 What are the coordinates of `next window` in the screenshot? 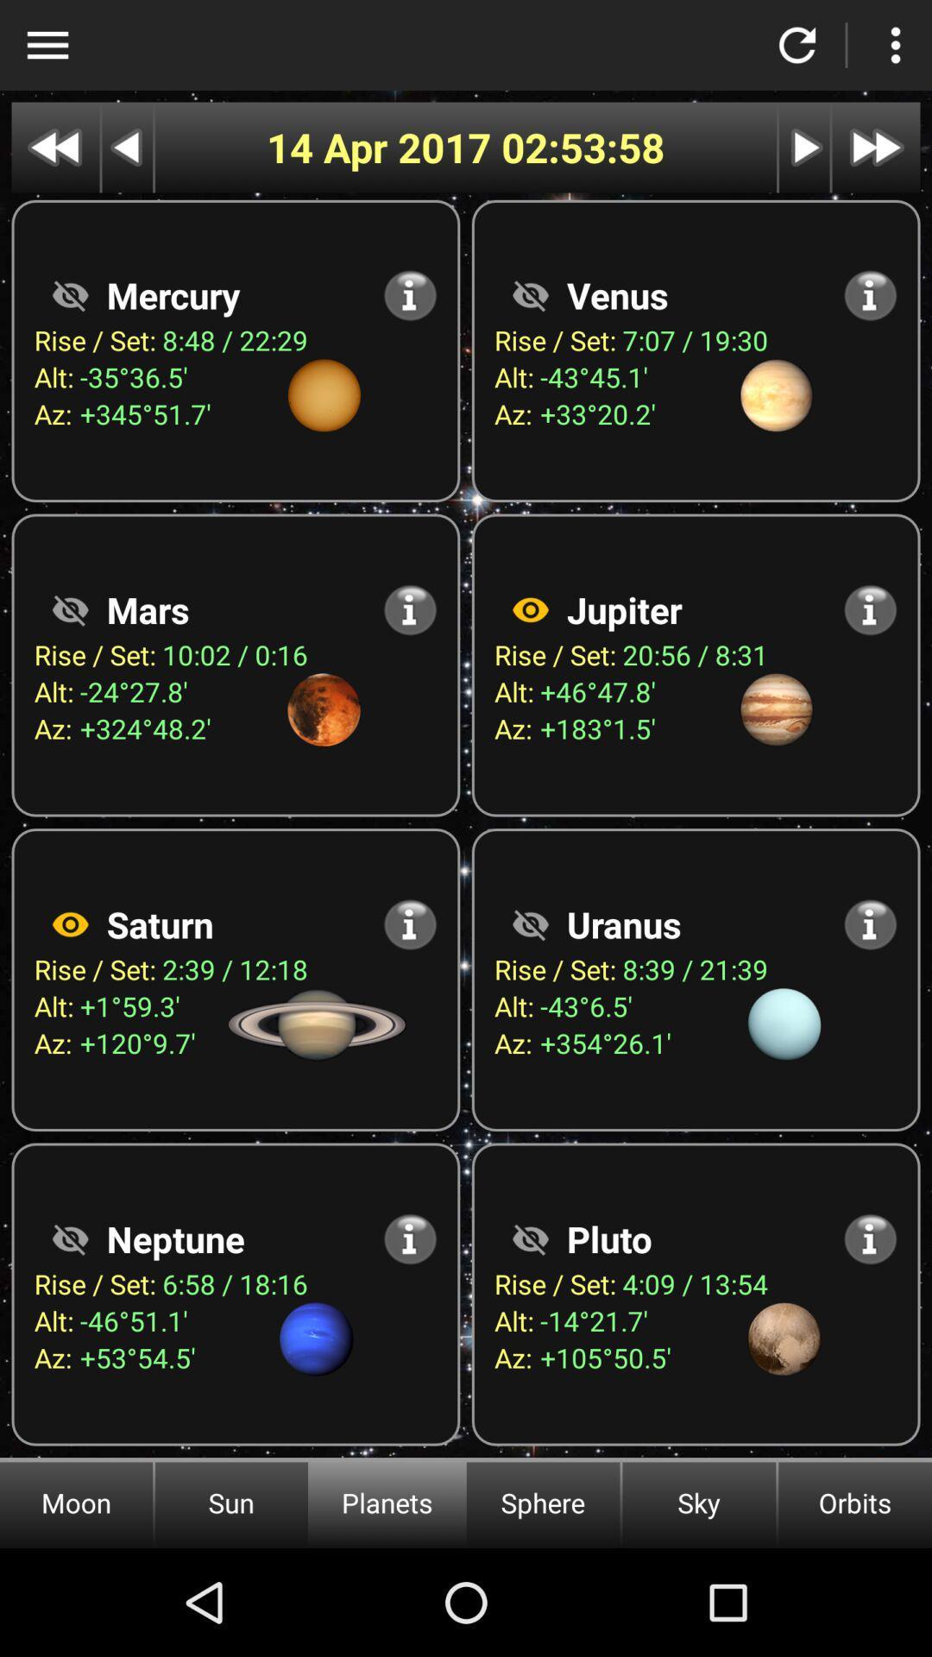 It's located at (804, 148).